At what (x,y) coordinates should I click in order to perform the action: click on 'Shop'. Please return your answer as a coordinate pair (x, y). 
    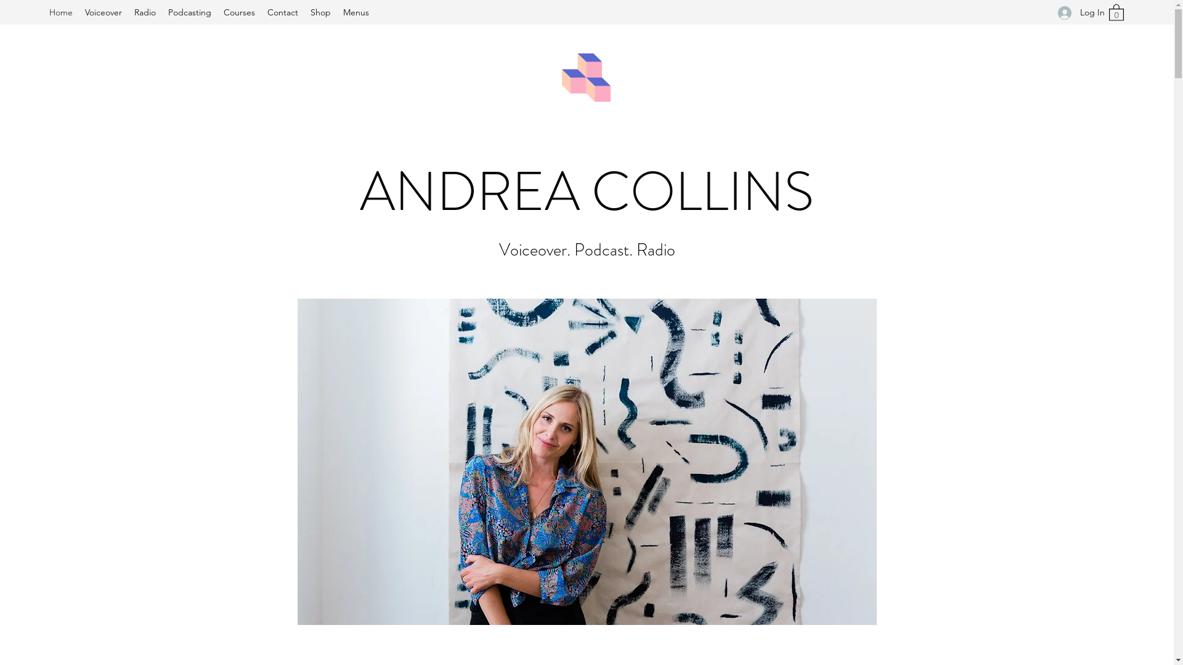
    Looking at the image, I should click on (320, 12).